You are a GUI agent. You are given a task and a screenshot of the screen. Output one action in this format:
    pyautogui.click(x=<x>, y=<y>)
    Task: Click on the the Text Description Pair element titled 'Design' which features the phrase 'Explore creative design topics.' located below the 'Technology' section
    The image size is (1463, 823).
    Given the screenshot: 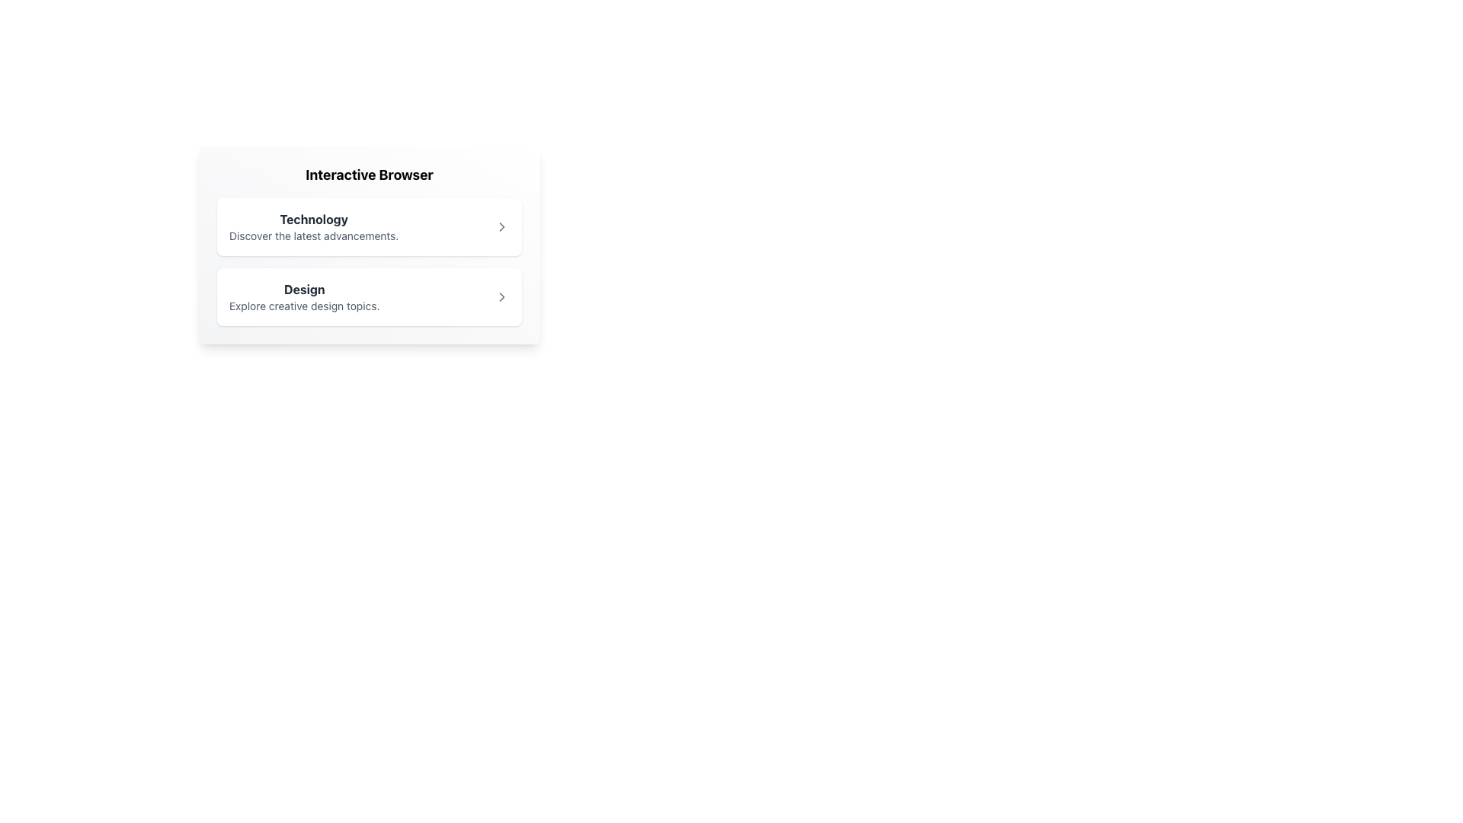 What is the action you would take?
    pyautogui.click(x=304, y=296)
    